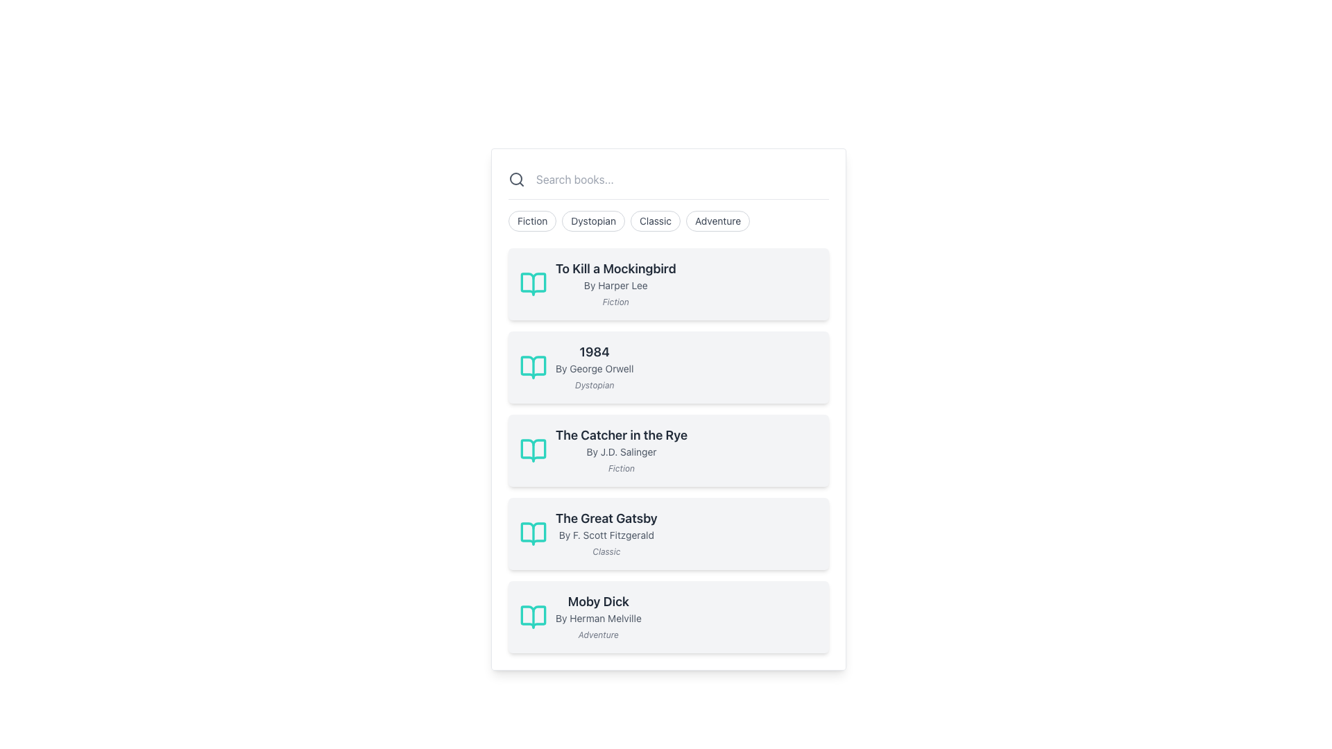 This screenshot has width=1332, height=749. Describe the element at coordinates (606, 551) in the screenshot. I see `the 'Classic' genre label located in the lower-right area of the text block for the book 'The Great Gatsby', positioned beneath the author's name and to the right of the title text` at that location.